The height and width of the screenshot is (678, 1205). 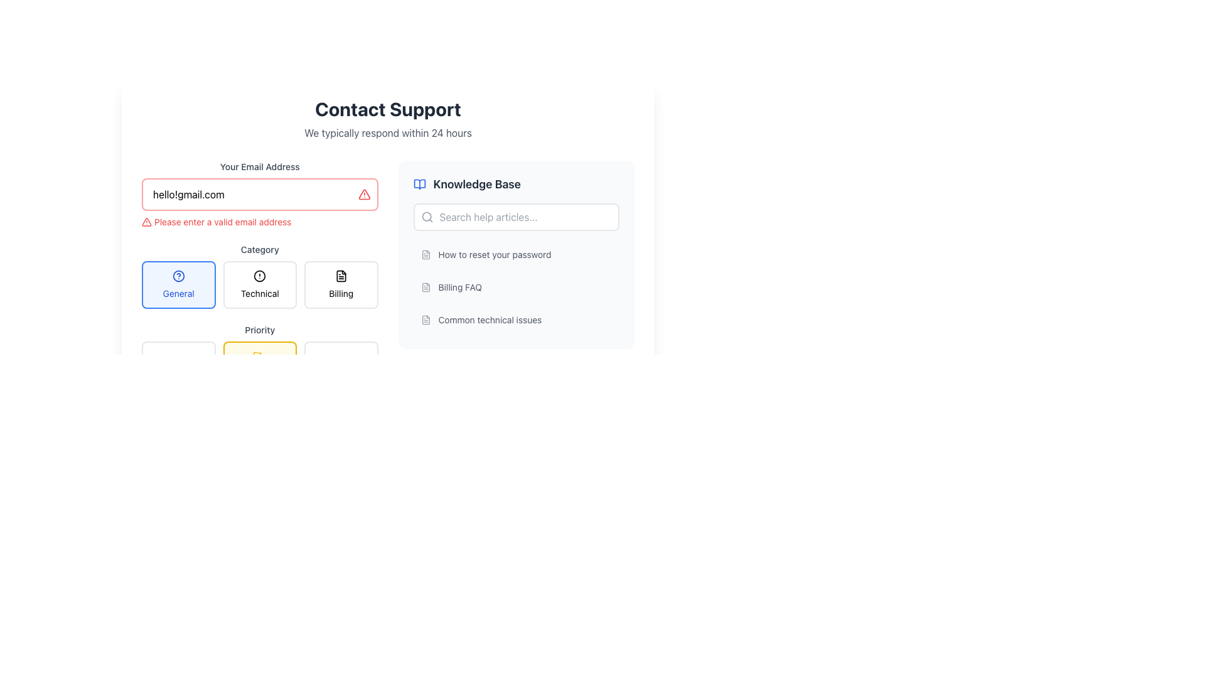 What do you see at coordinates (259, 222) in the screenshot?
I see `the text notification displaying 'Please enter a valid email address' in red color, which is located directly below the email input field labeled 'Your Email Address'` at bounding box center [259, 222].